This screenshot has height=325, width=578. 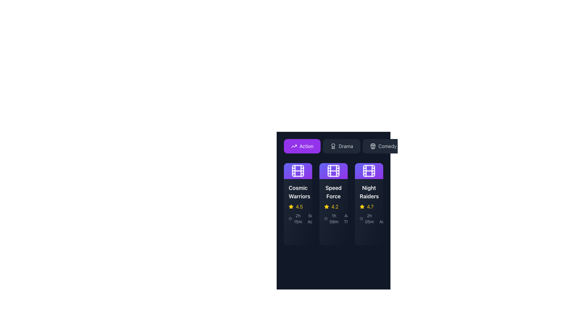 I want to click on the film icon styled as a grid-like rectangle with rounded corners, located in the first card titled 'Cosmic Warriors', so click(x=298, y=171).